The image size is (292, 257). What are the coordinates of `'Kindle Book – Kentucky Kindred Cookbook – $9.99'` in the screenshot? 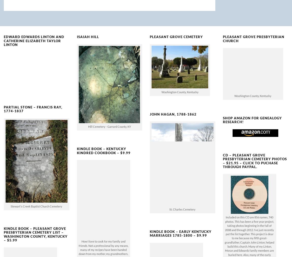 It's located at (103, 142).